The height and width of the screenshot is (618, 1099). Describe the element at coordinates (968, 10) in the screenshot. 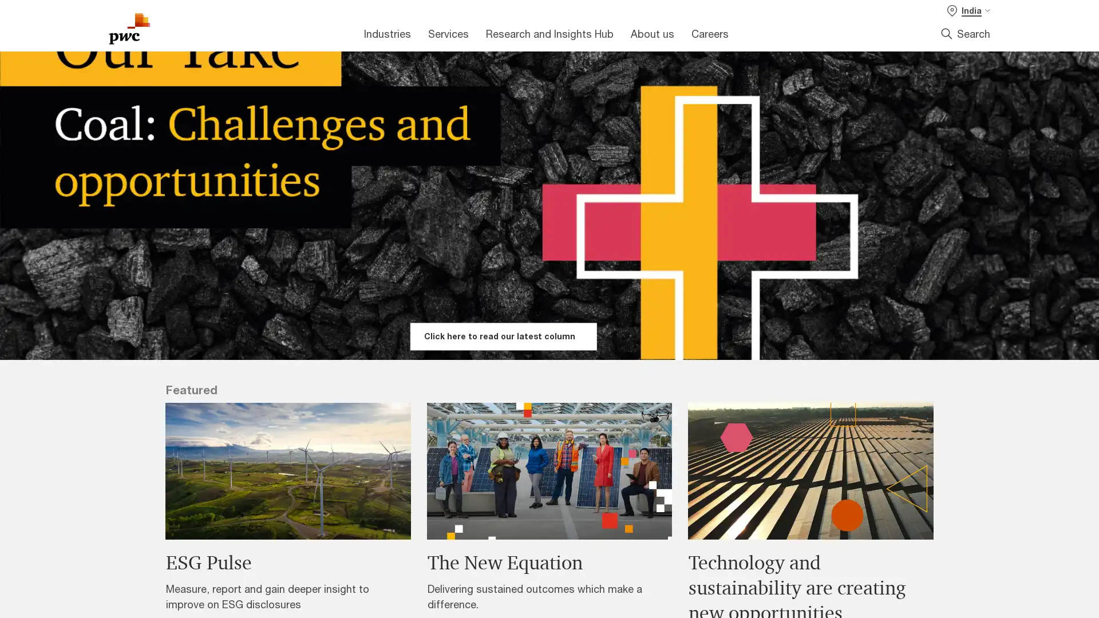

I see `India` at that location.